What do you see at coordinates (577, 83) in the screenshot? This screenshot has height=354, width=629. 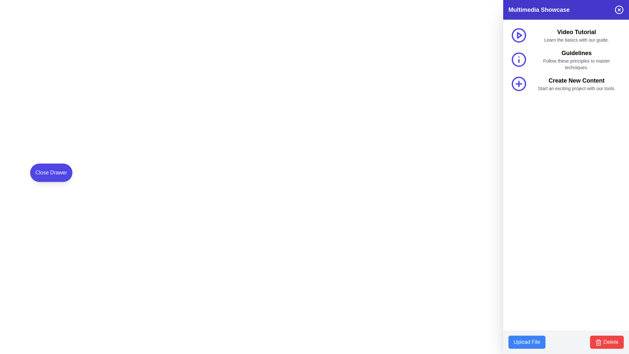 I see `the text block component that includes the heading 'Create New Content' and the subtitle 'Start an exciting project with our tools', which is the third item in the vertical list on the right-hand panel` at bounding box center [577, 83].